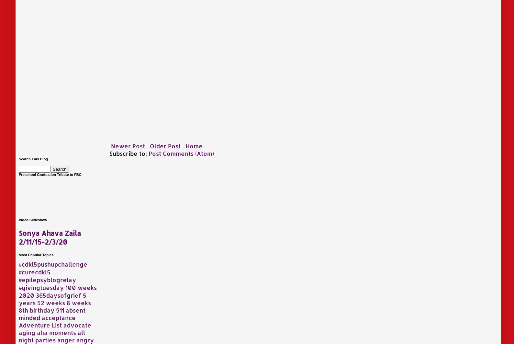  Describe the element at coordinates (66, 302) in the screenshot. I see `'8 weeks'` at that location.